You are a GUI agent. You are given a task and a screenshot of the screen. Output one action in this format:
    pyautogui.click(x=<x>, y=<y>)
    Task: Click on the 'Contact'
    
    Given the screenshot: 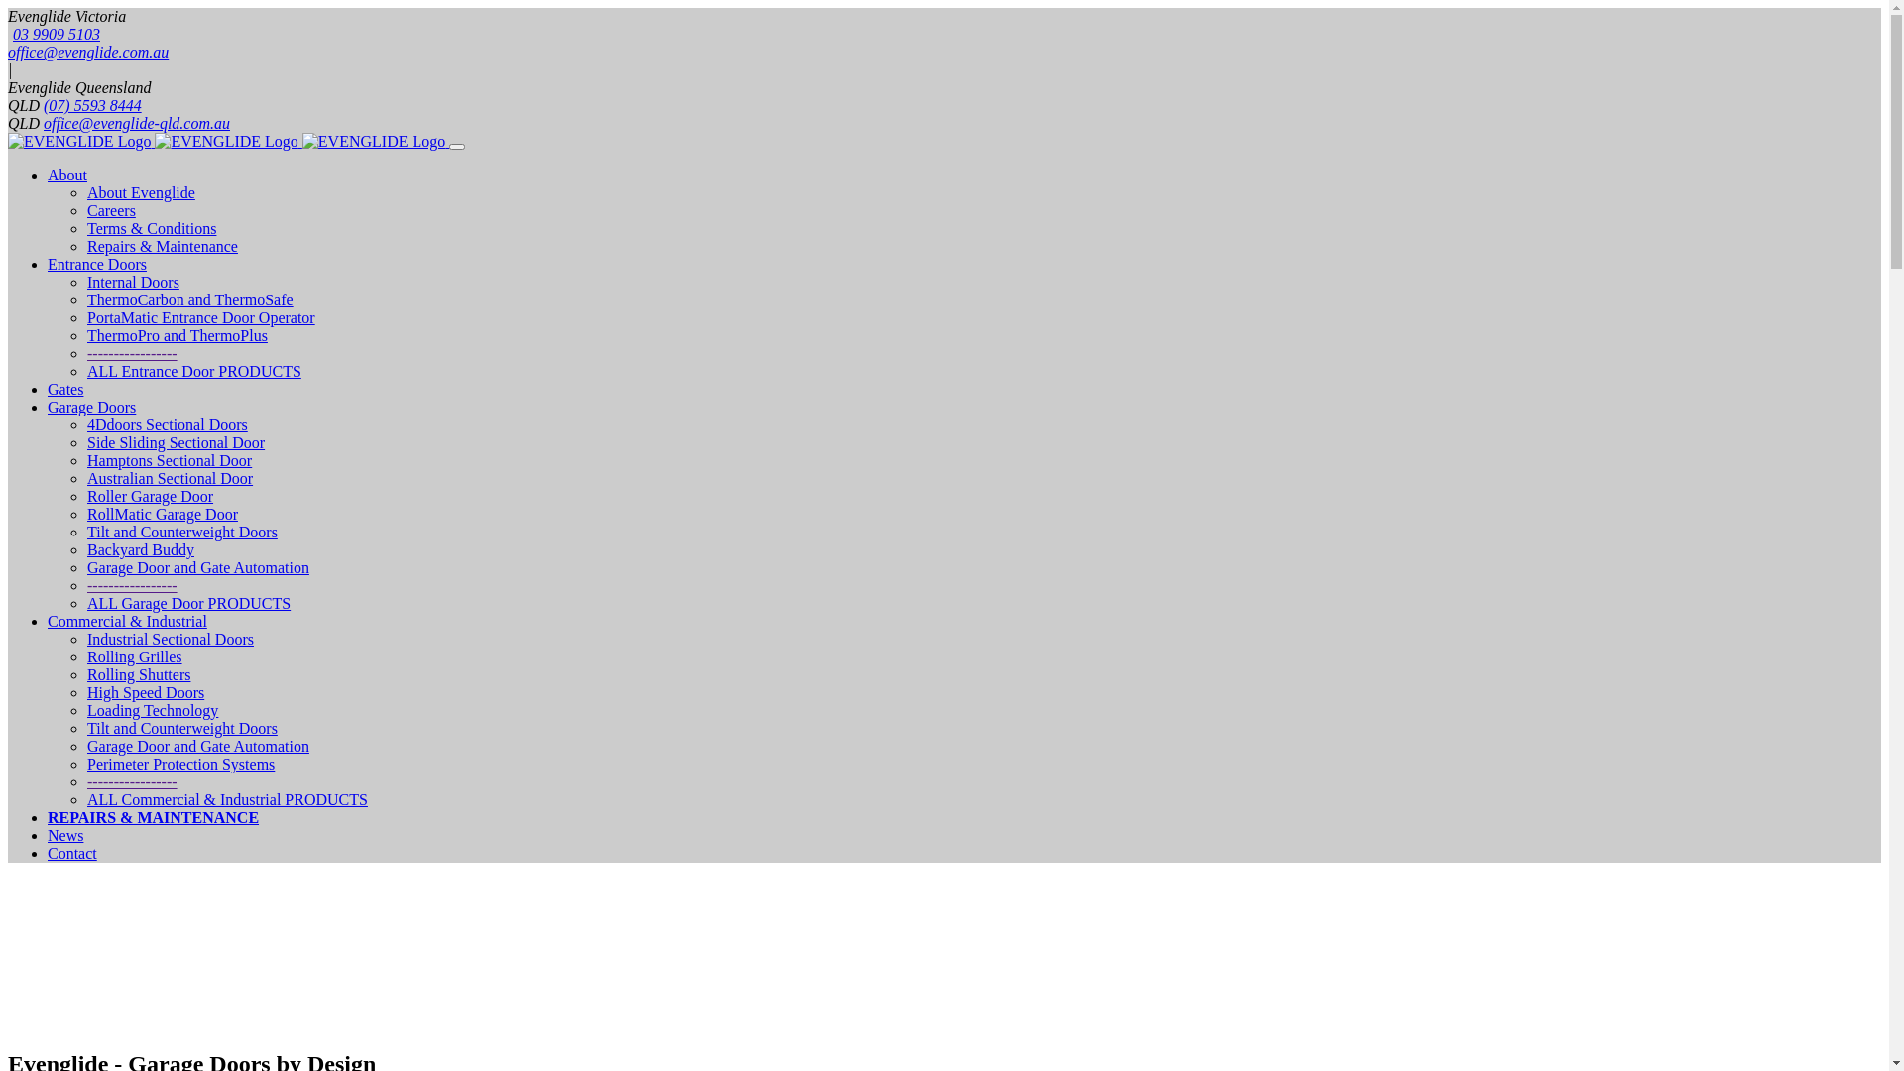 What is the action you would take?
    pyautogui.click(x=48, y=852)
    